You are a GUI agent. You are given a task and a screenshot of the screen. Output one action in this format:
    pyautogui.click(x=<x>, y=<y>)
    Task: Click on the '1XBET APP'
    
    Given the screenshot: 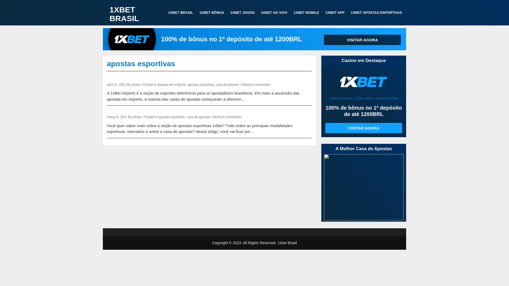 What is the action you would take?
    pyautogui.click(x=335, y=12)
    